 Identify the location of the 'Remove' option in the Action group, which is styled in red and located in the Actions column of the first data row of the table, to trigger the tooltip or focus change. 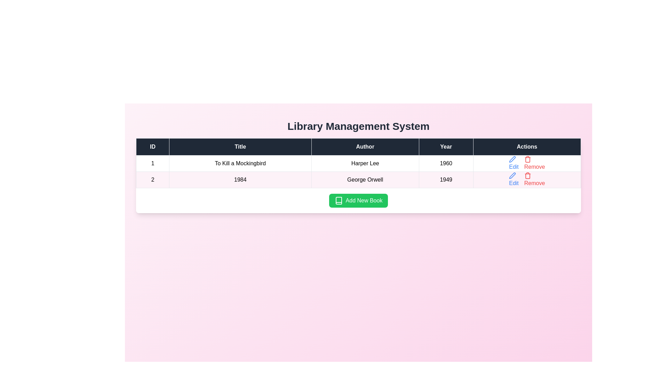
(527, 163).